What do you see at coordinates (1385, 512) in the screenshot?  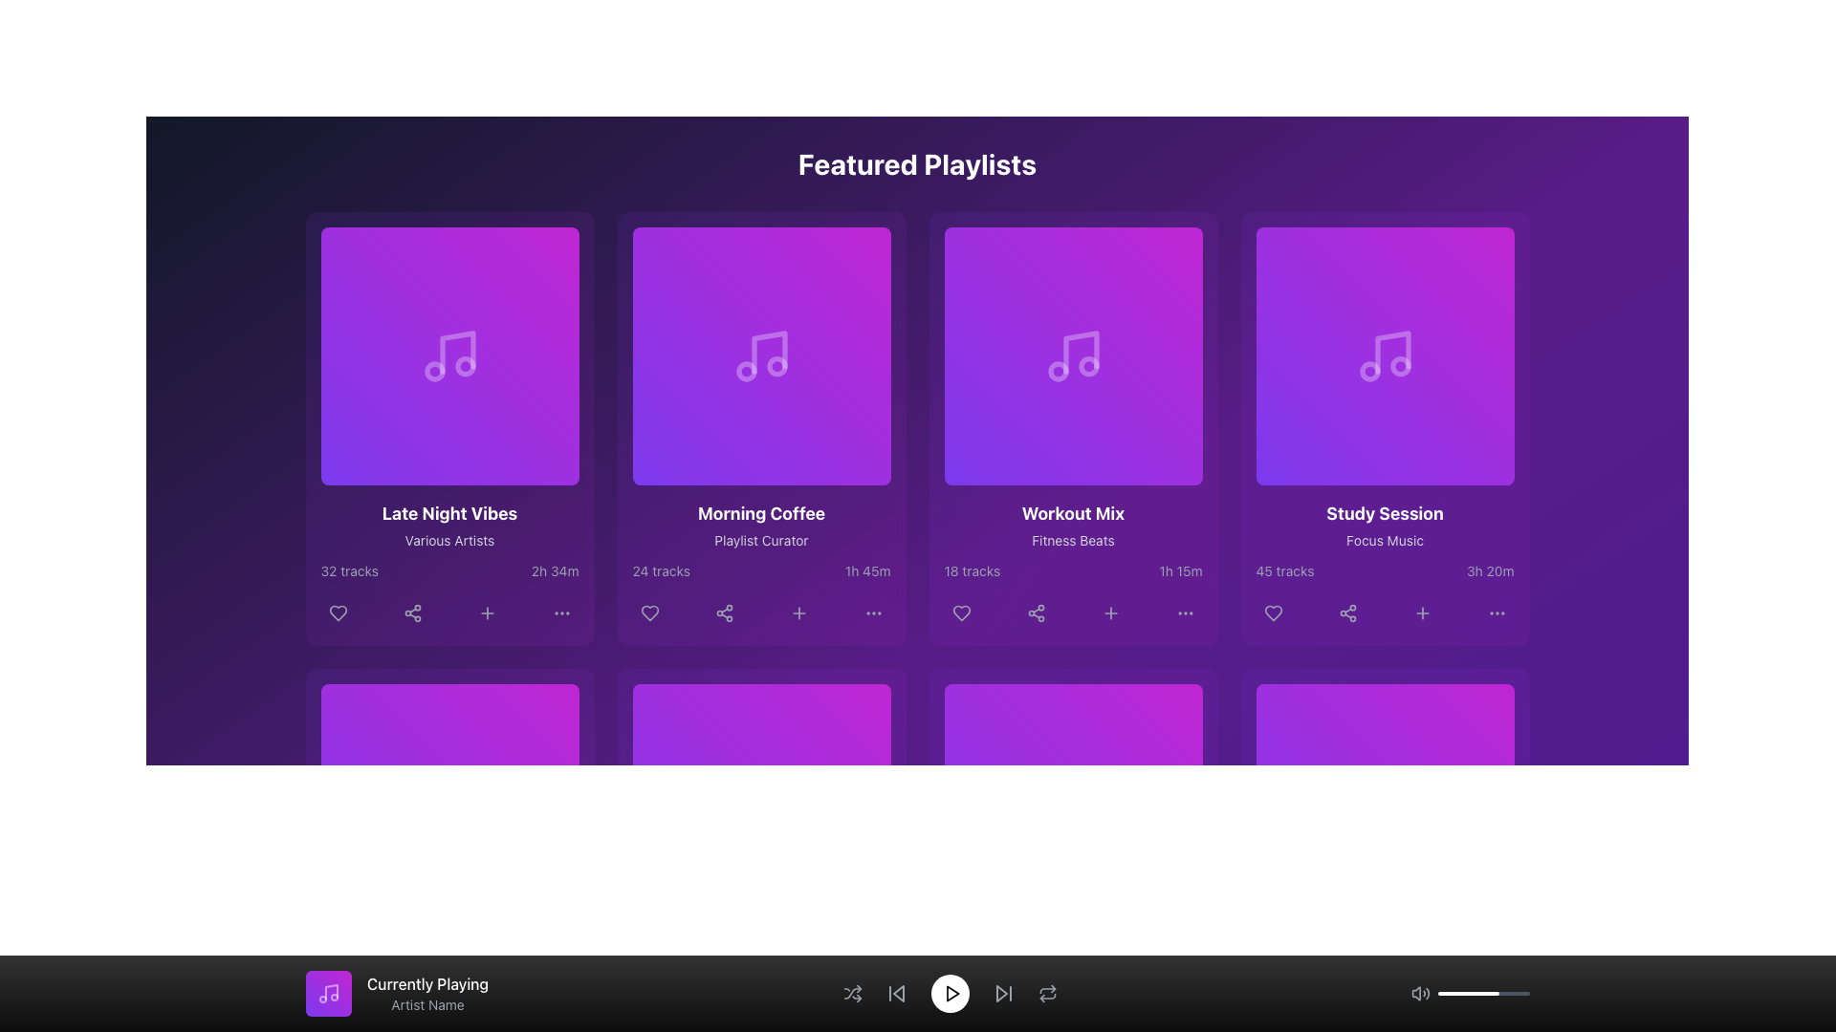 I see `the playlist title label located in the fourth column above the description text 'Focus Music'` at bounding box center [1385, 512].